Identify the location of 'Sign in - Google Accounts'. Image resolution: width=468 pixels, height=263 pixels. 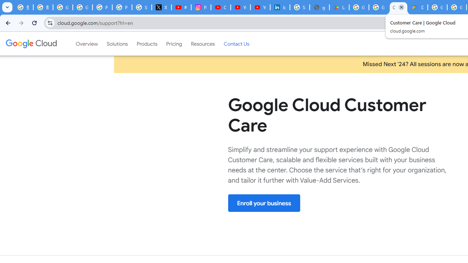
(299, 7).